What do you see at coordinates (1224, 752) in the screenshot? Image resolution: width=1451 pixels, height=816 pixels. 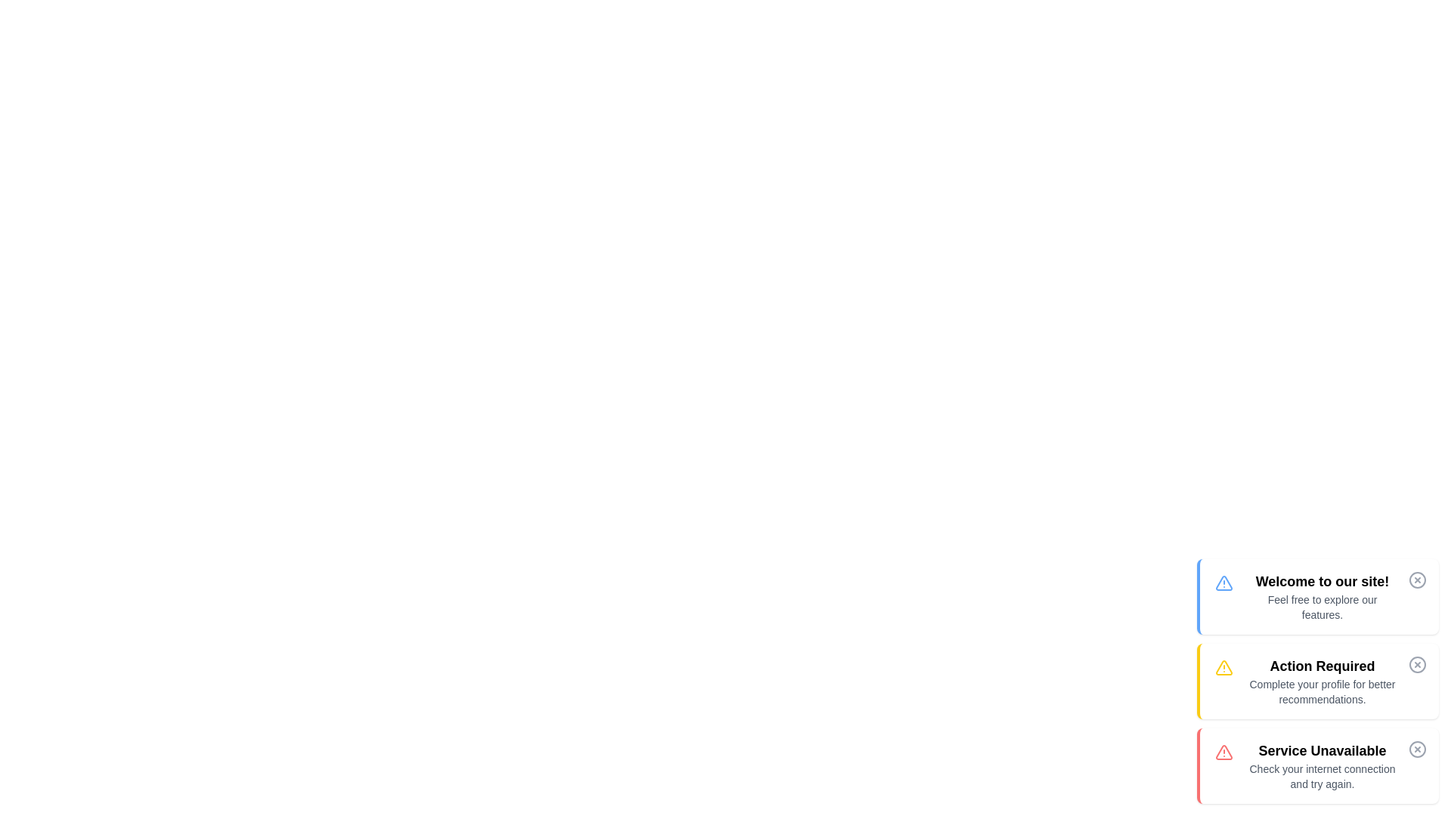 I see `the alert icon that serves as a visual indicator for the 'Service Unavailable' message, which is located to the left of the text and is the third item in a vertically stacked list of similar alert elements` at bounding box center [1224, 752].